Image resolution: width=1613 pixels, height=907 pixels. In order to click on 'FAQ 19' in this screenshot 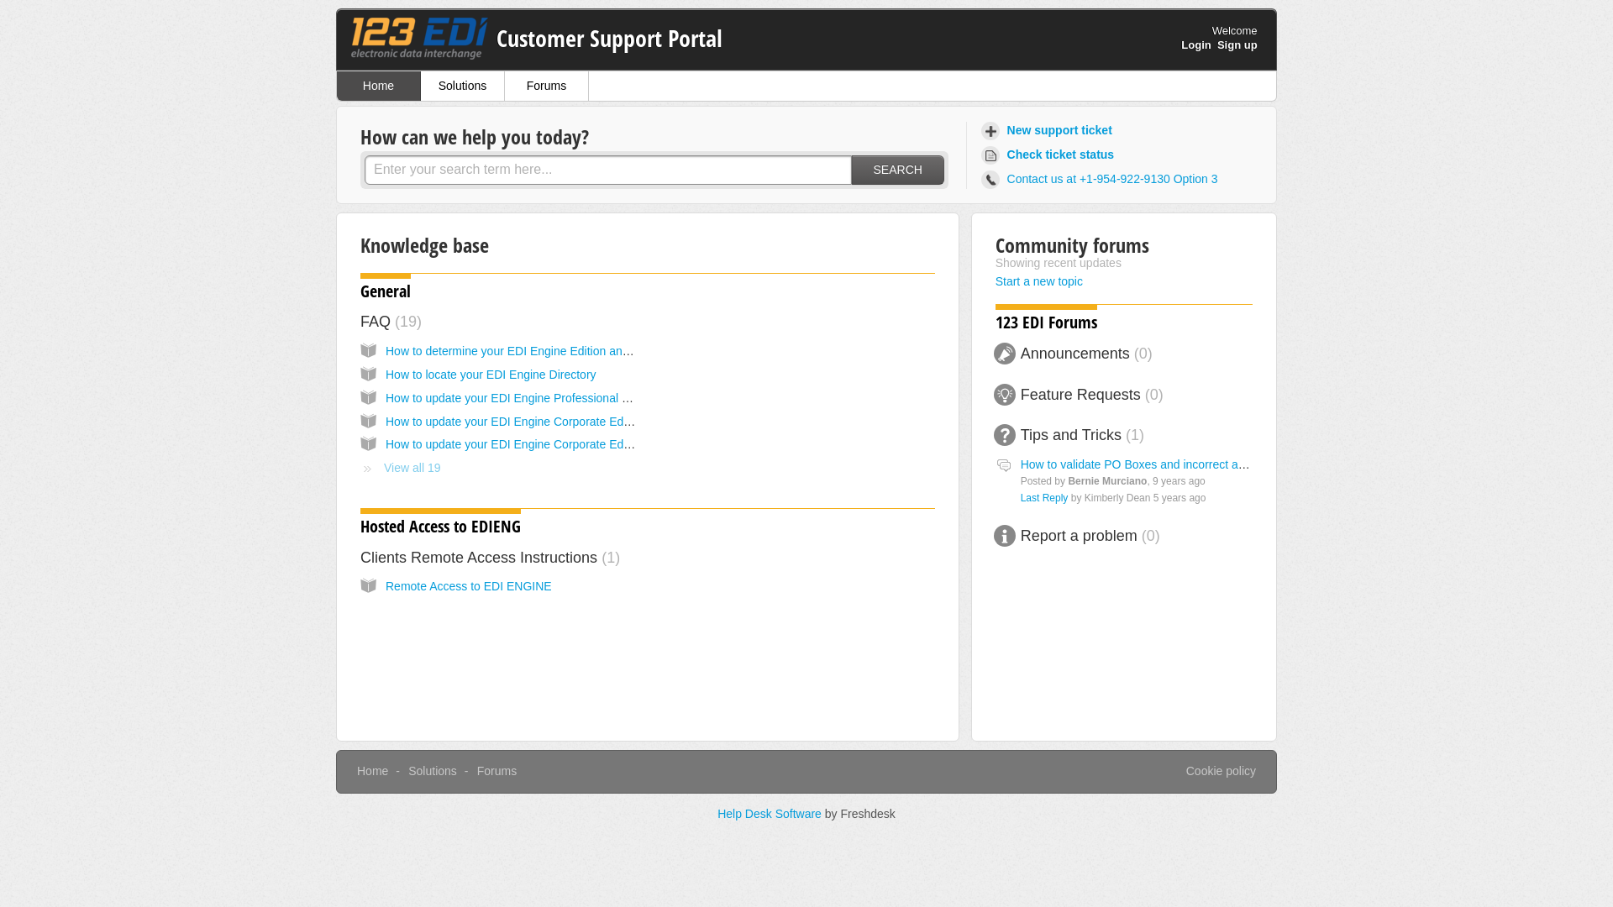, I will do `click(390, 321)`.